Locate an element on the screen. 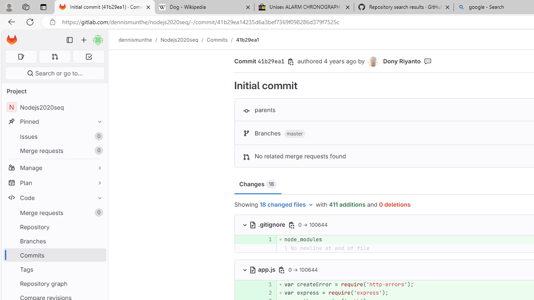 The height and width of the screenshot is (300, 534). 'Primary navigation sidebar' is located at coordinates (70, 40).